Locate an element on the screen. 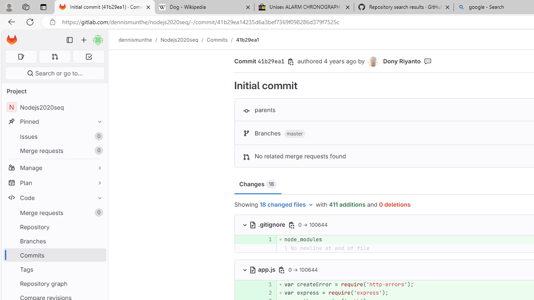 The height and width of the screenshot is (300, 534). 'Primary navigation sidebar' is located at coordinates (70, 40).